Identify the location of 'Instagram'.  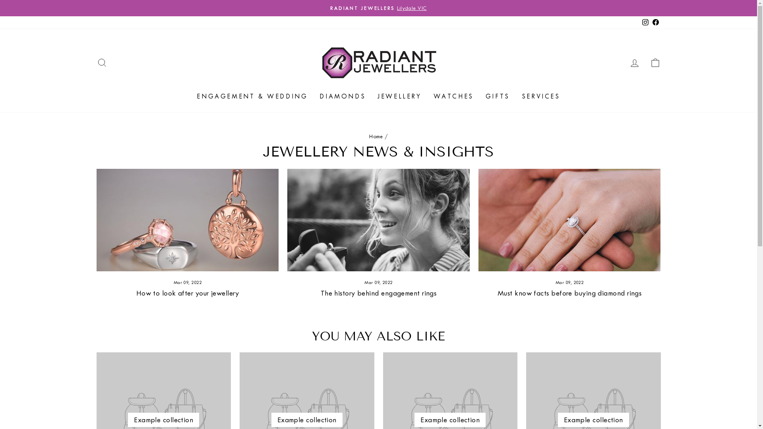
(645, 22).